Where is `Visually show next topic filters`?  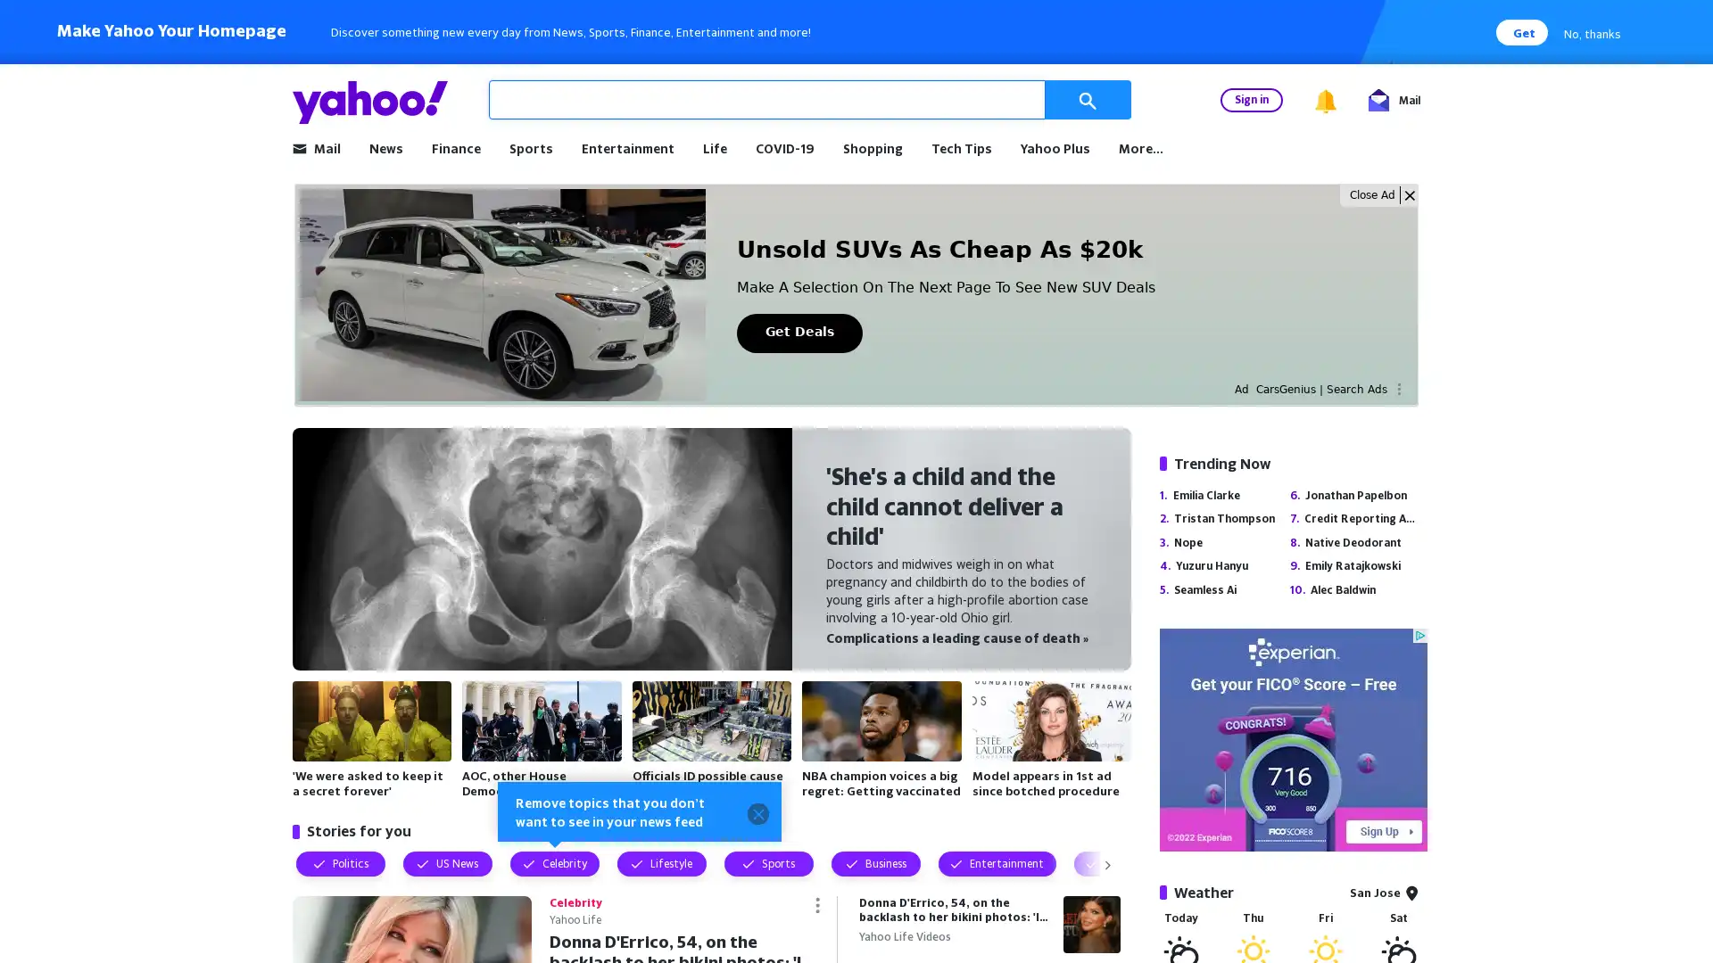 Visually show next topic filters is located at coordinates (1088, 862).